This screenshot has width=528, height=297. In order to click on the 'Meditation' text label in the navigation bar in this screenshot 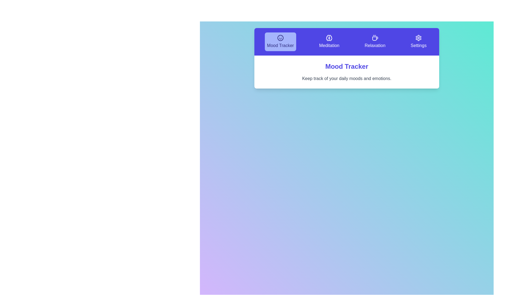, I will do `click(329, 45)`.